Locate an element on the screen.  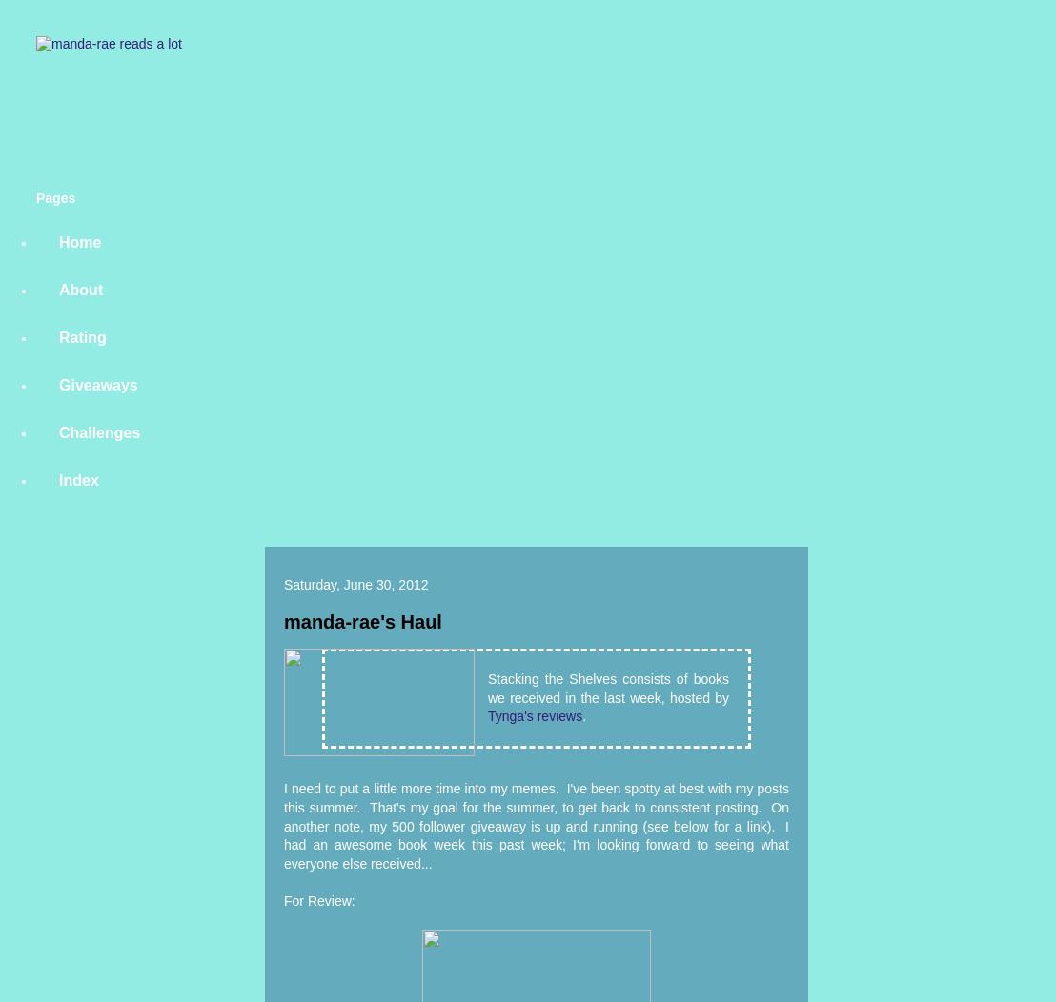
'Challenges' is located at coordinates (58, 432).